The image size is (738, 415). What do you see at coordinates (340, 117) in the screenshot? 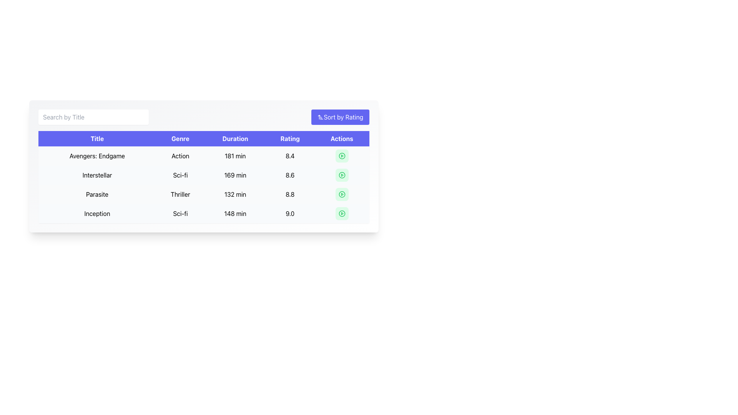
I see `the button located at the right end of the horizontal bar, next to the 'Search by Title' input field, to sort items by their rating in ascending order` at bounding box center [340, 117].